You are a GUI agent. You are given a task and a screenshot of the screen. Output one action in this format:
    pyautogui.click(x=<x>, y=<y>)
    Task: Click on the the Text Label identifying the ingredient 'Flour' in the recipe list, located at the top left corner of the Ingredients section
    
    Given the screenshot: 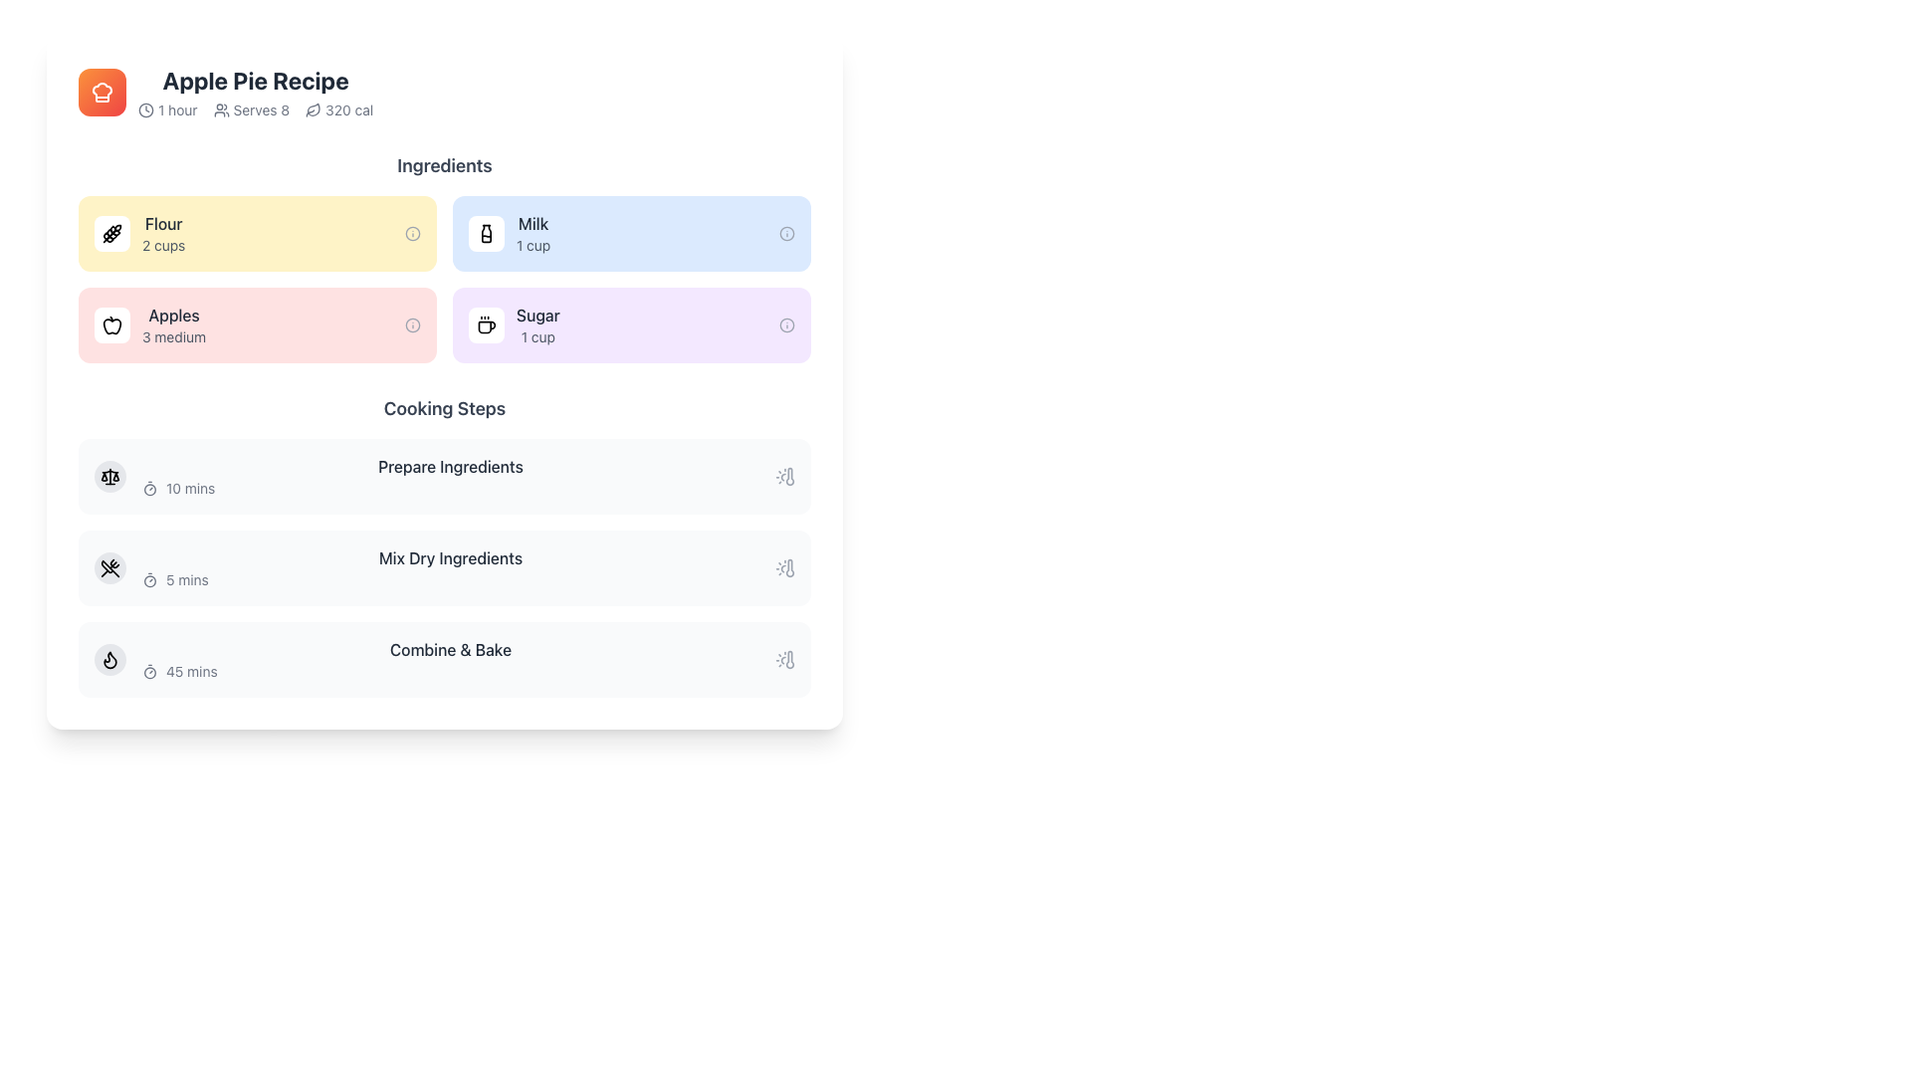 What is the action you would take?
    pyautogui.click(x=163, y=223)
    